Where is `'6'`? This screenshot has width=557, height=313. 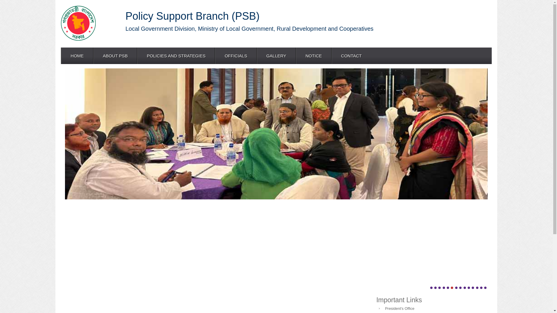 '6' is located at coordinates (452, 287).